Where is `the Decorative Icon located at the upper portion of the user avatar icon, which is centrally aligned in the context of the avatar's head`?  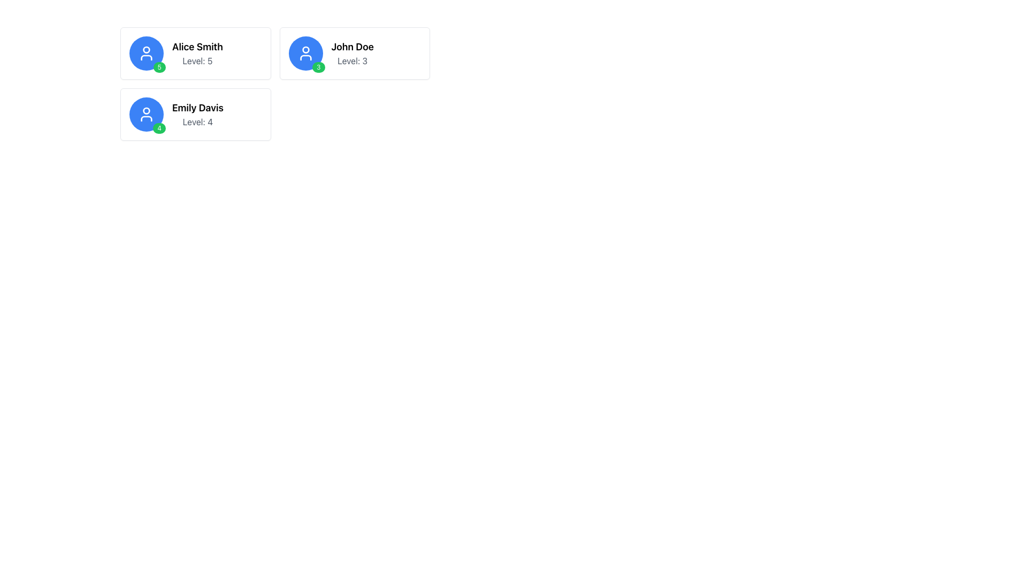 the Decorative Icon located at the upper portion of the user avatar icon, which is centrally aligned in the context of the avatar's head is located at coordinates (145, 49).